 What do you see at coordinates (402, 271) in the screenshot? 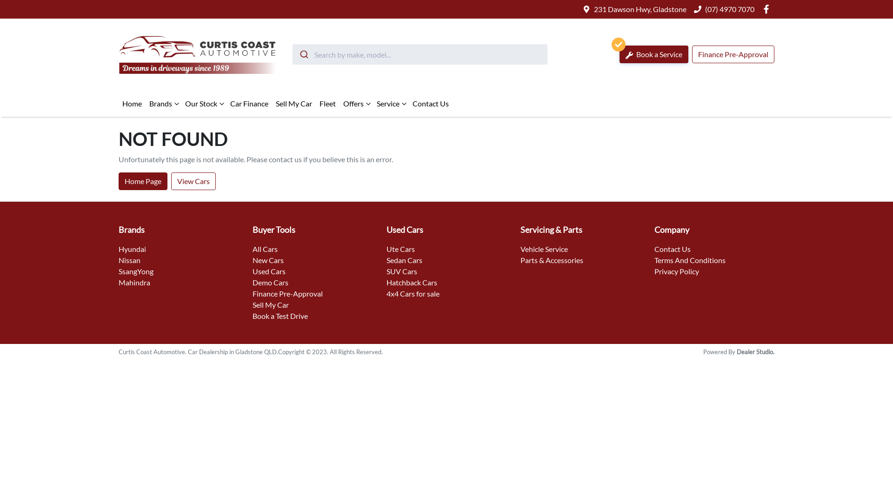
I see `'SUV Cars'` at bounding box center [402, 271].